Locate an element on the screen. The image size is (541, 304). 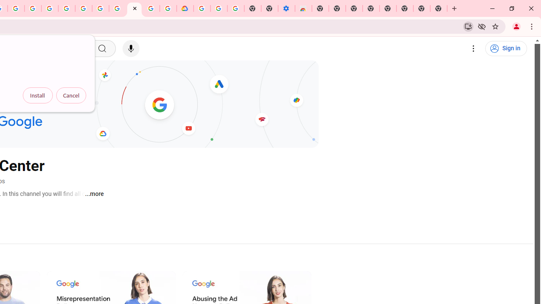
'Browse the Google Chrome Community - Google Chrome Community' is located at coordinates (168, 8).